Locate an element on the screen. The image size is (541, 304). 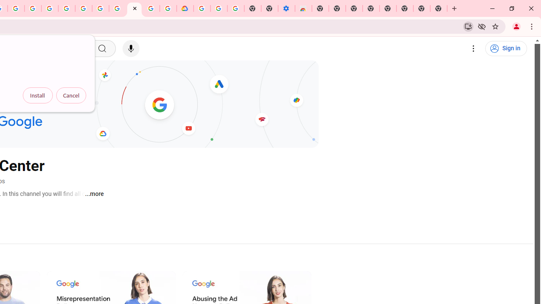
'Browse the Google Chrome Community - Google Chrome Community' is located at coordinates (168, 8).